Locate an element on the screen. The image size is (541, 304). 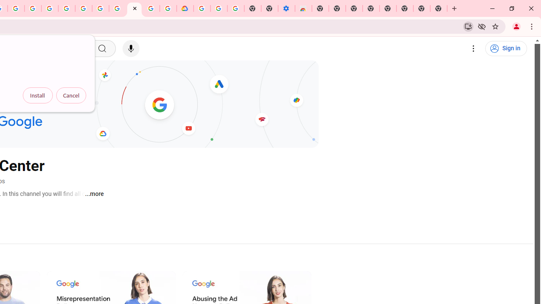
'Browse the Google Chrome Community - Google Chrome Community' is located at coordinates (168, 8).